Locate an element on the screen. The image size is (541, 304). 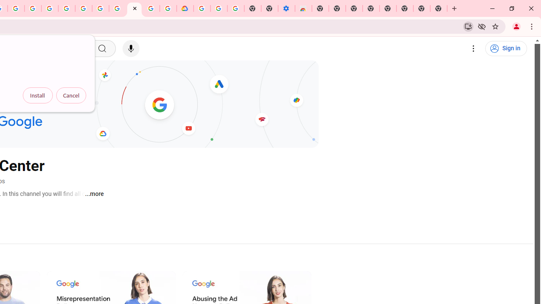
'Browse the Google Chrome Community - Google Chrome Community' is located at coordinates (168, 8).